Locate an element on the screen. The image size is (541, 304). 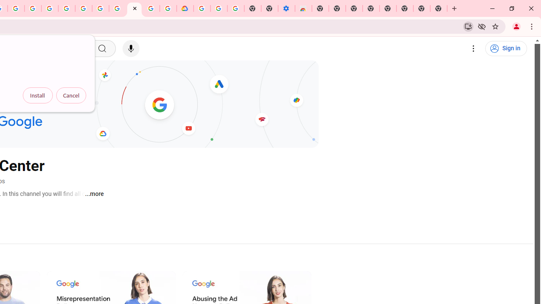
'Browse the Google Chrome Community - Google Chrome Community' is located at coordinates (168, 8).